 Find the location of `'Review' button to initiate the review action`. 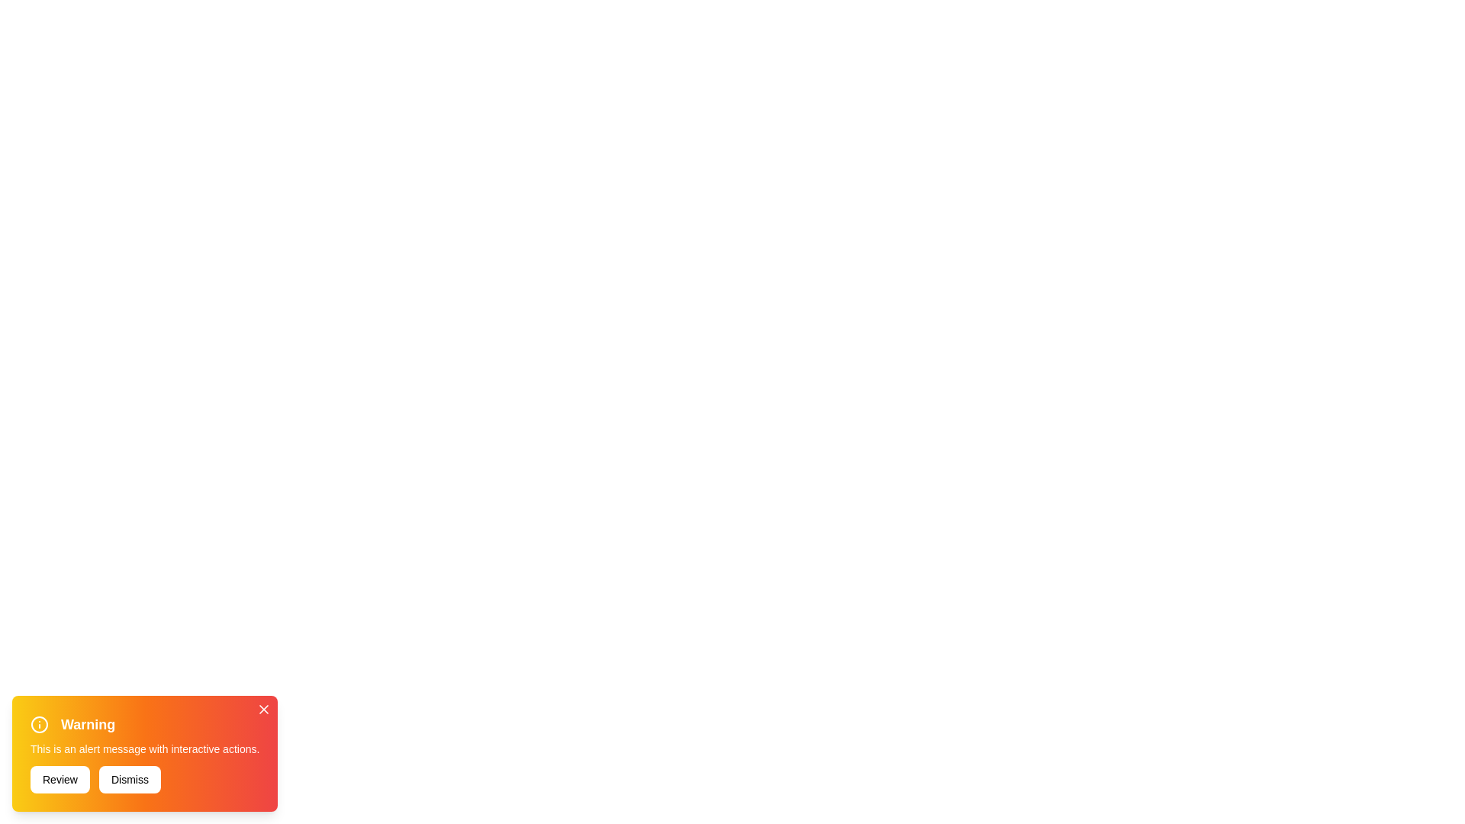

'Review' button to initiate the review action is located at coordinates (60, 780).